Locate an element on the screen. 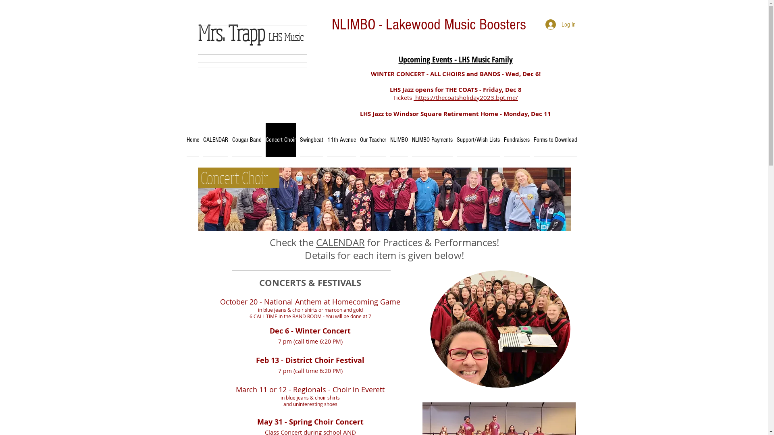 This screenshot has height=435, width=774. '11th Avenue' is located at coordinates (341, 139).